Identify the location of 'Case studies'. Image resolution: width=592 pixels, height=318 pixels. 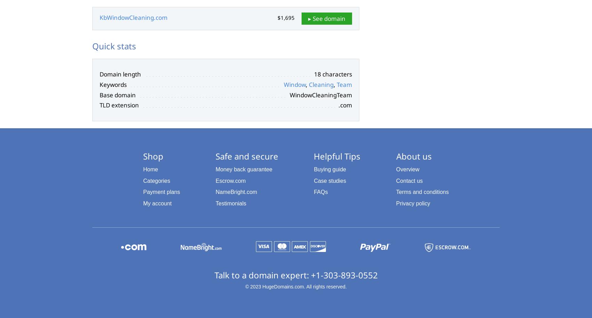
(330, 180).